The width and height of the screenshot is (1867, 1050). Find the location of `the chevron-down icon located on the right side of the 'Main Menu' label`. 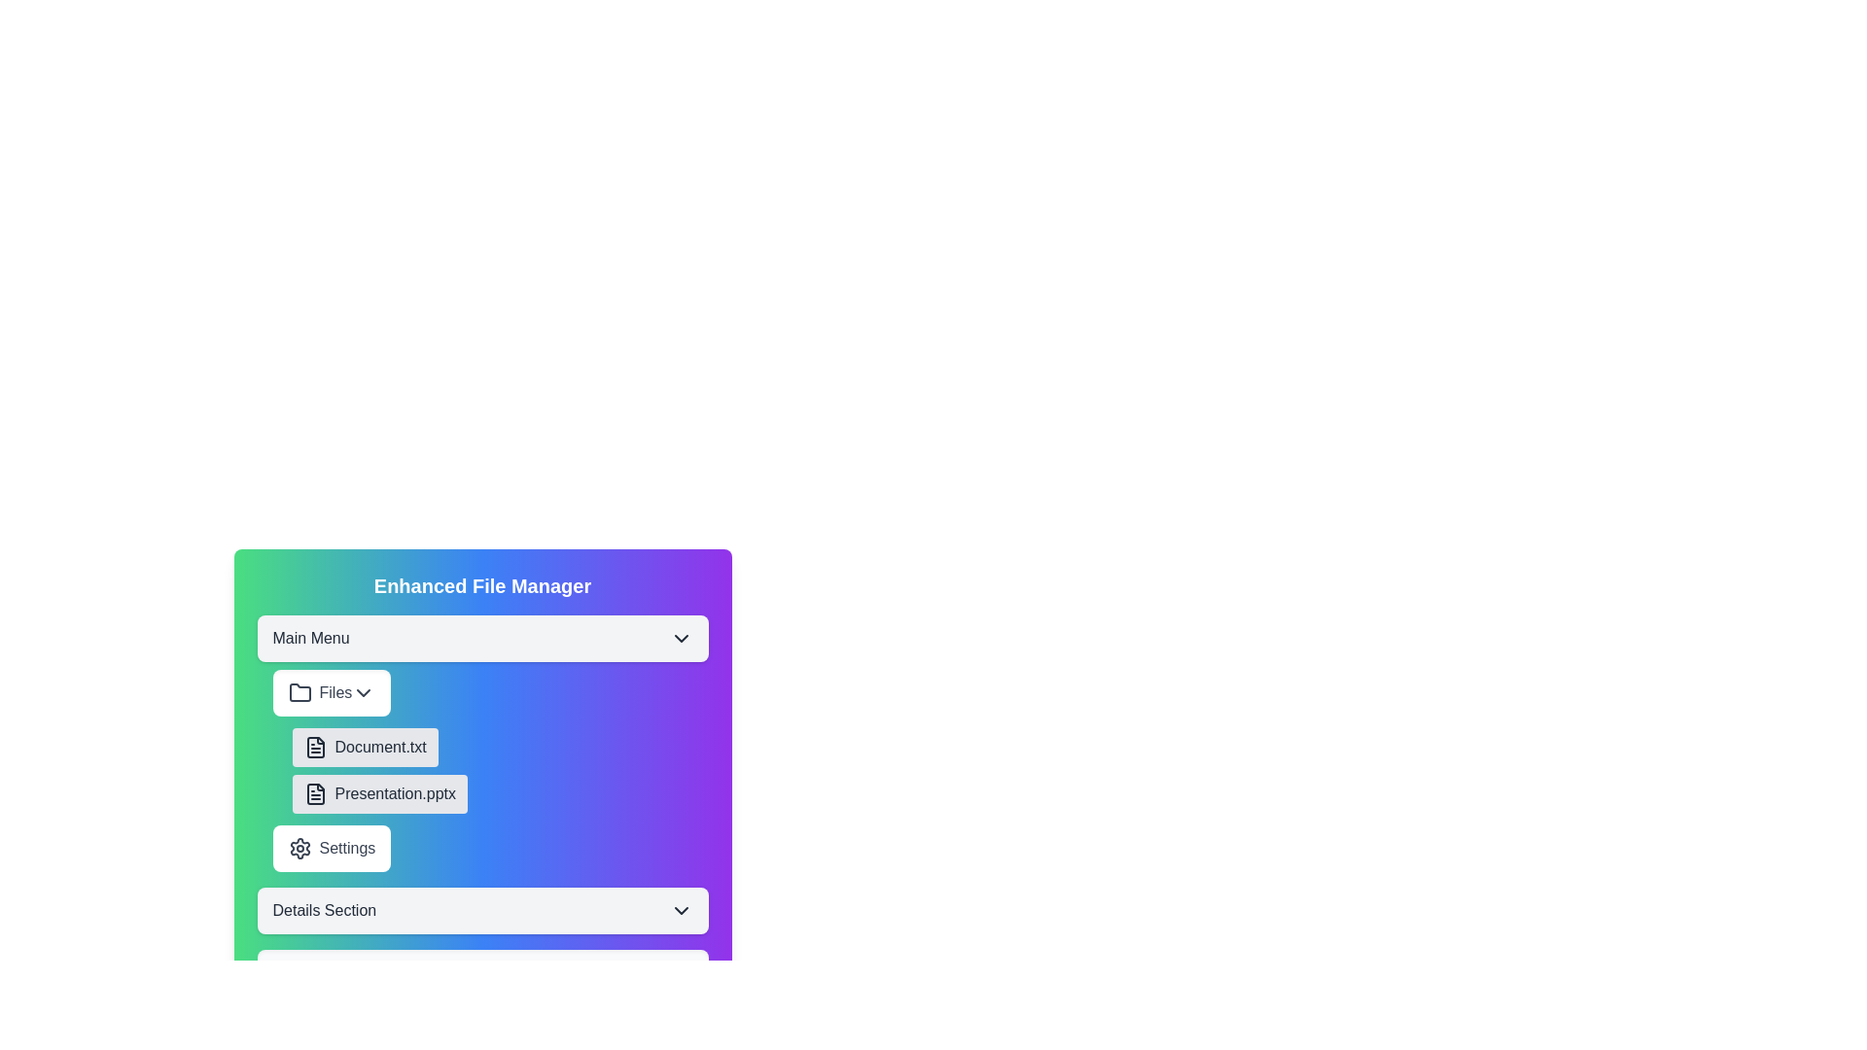

the chevron-down icon located on the right side of the 'Main Menu' label is located at coordinates (681, 638).